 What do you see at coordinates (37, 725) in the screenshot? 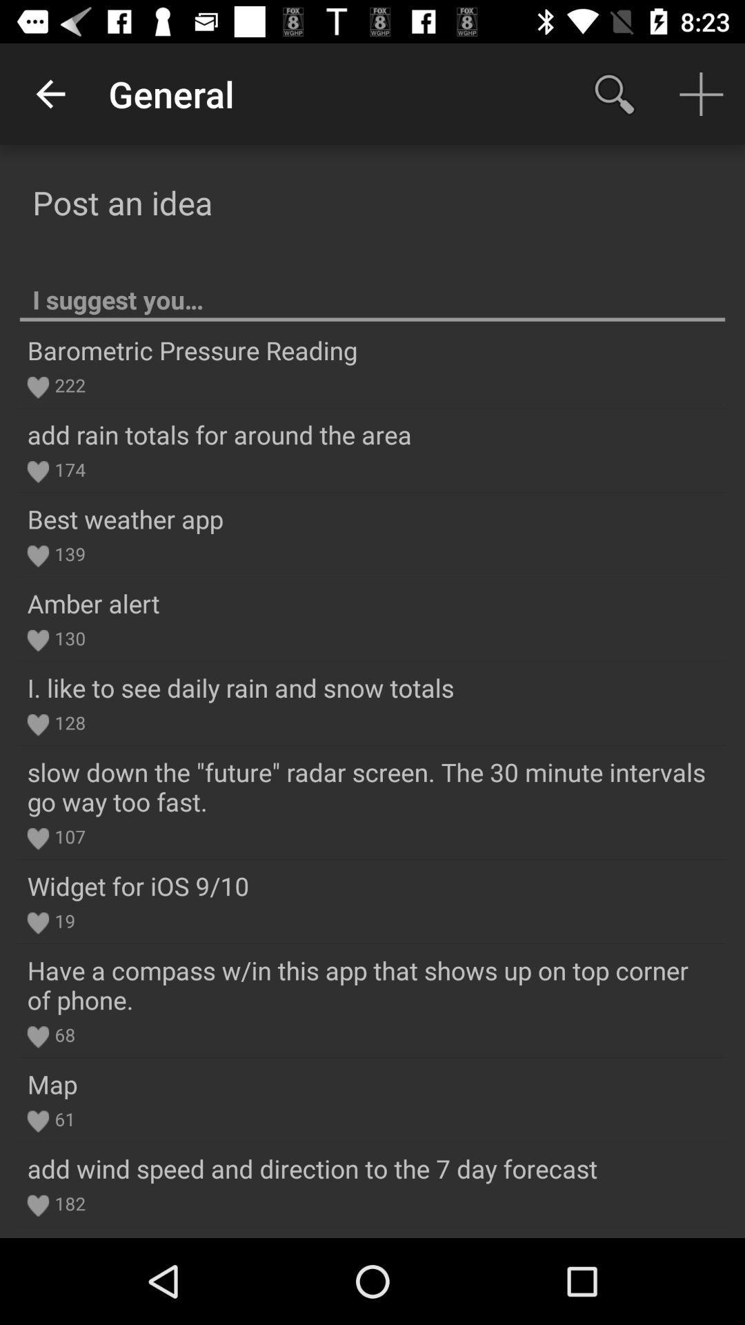
I see `the symbol left to the text 128` at bounding box center [37, 725].